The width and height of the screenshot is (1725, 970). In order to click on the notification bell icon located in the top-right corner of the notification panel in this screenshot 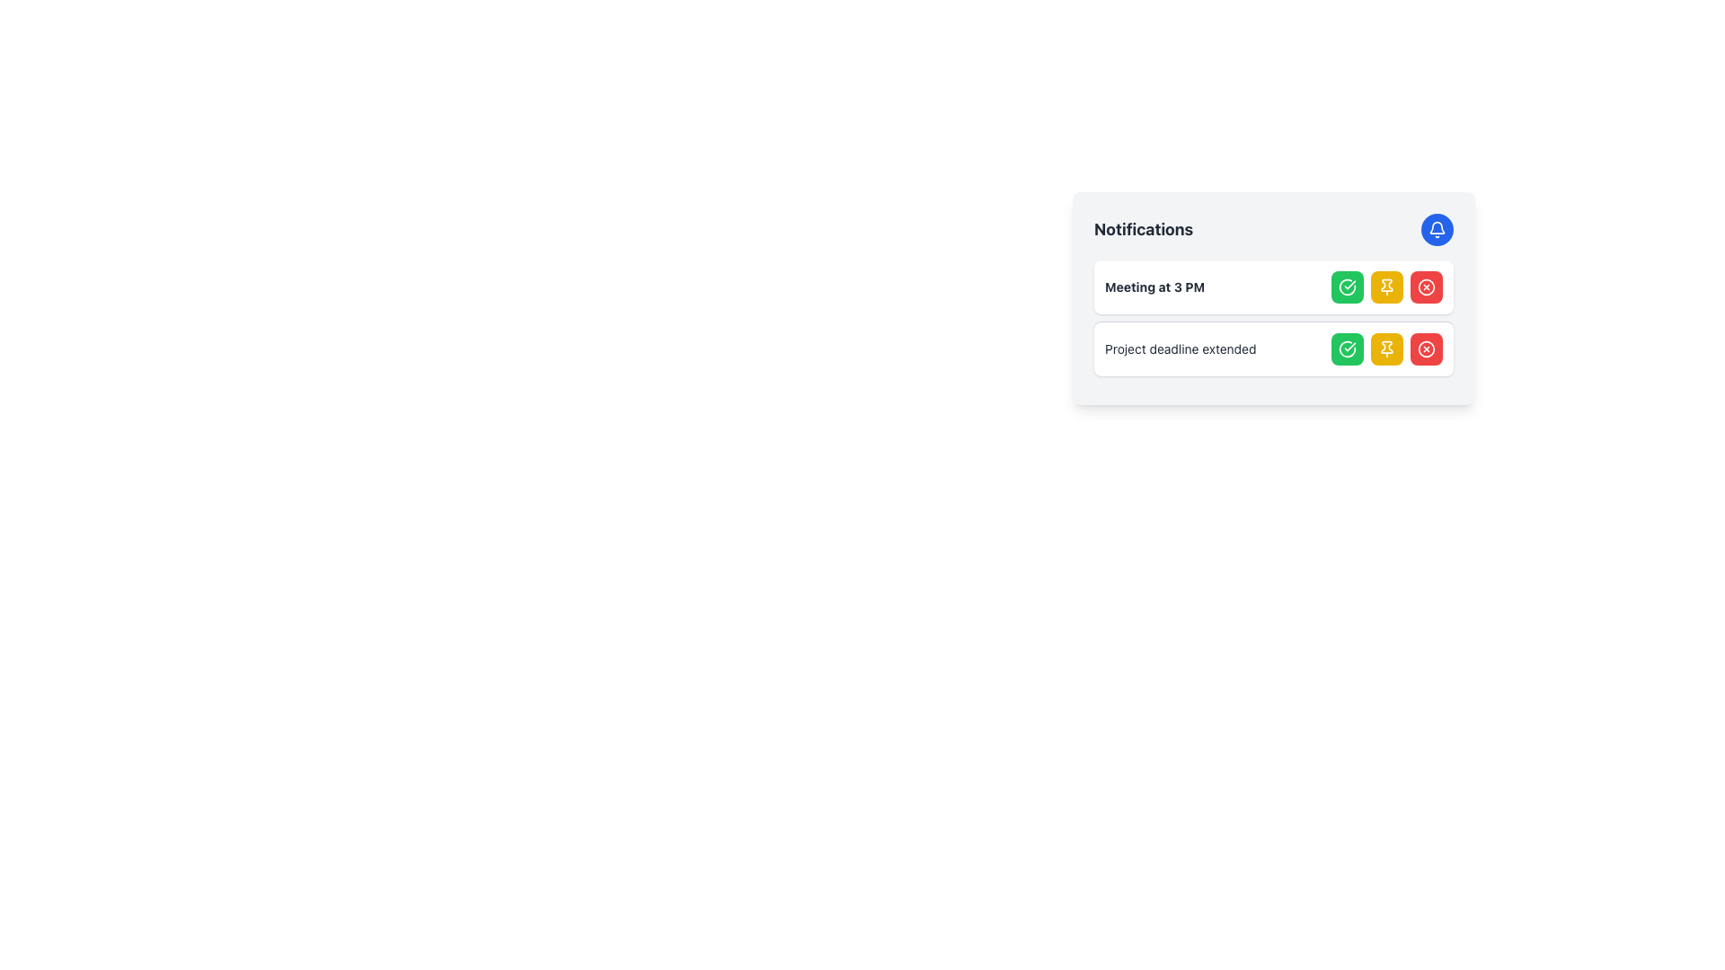, I will do `click(1436, 228)`.